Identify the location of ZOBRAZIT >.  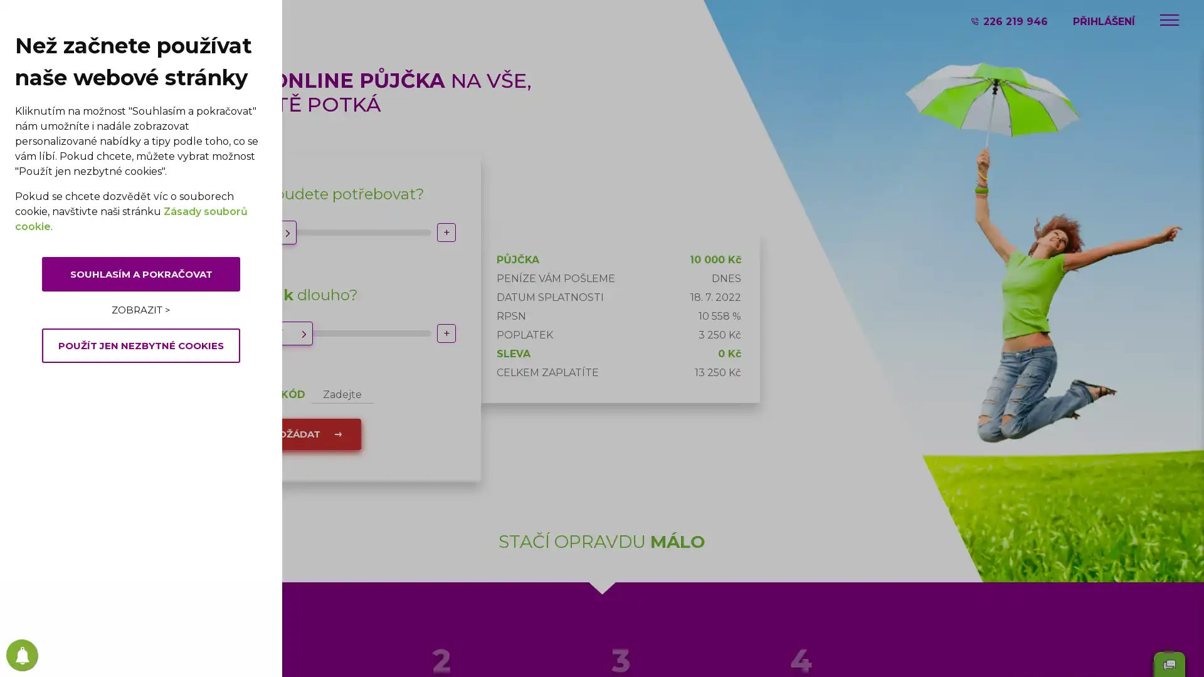
(141, 310).